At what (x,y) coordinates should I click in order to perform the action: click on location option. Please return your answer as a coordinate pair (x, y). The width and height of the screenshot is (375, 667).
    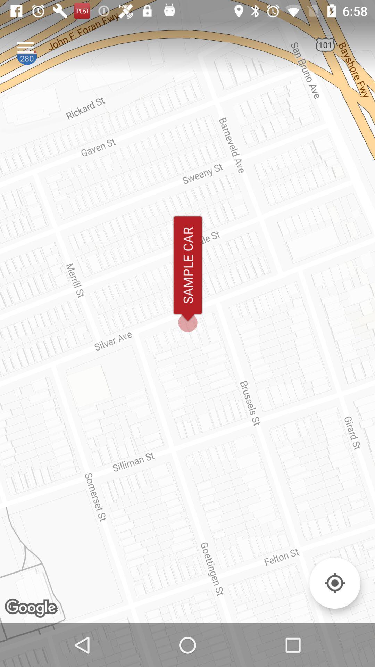
    Looking at the image, I should click on (334, 583).